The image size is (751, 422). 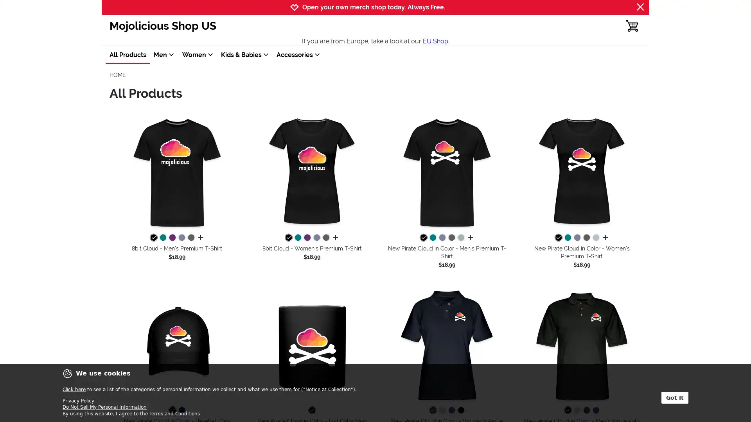 I want to click on black, so click(x=172, y=410).